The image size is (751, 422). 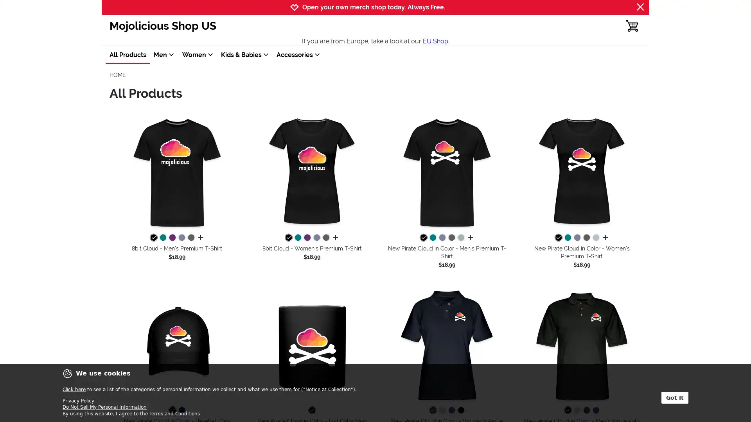 I want to click on black, so click(x=172, y=410).